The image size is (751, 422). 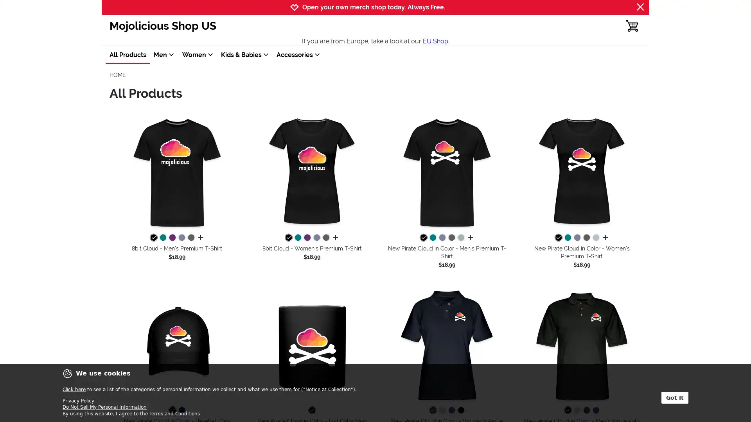 I want to click on black, so click(x=172, y=410).